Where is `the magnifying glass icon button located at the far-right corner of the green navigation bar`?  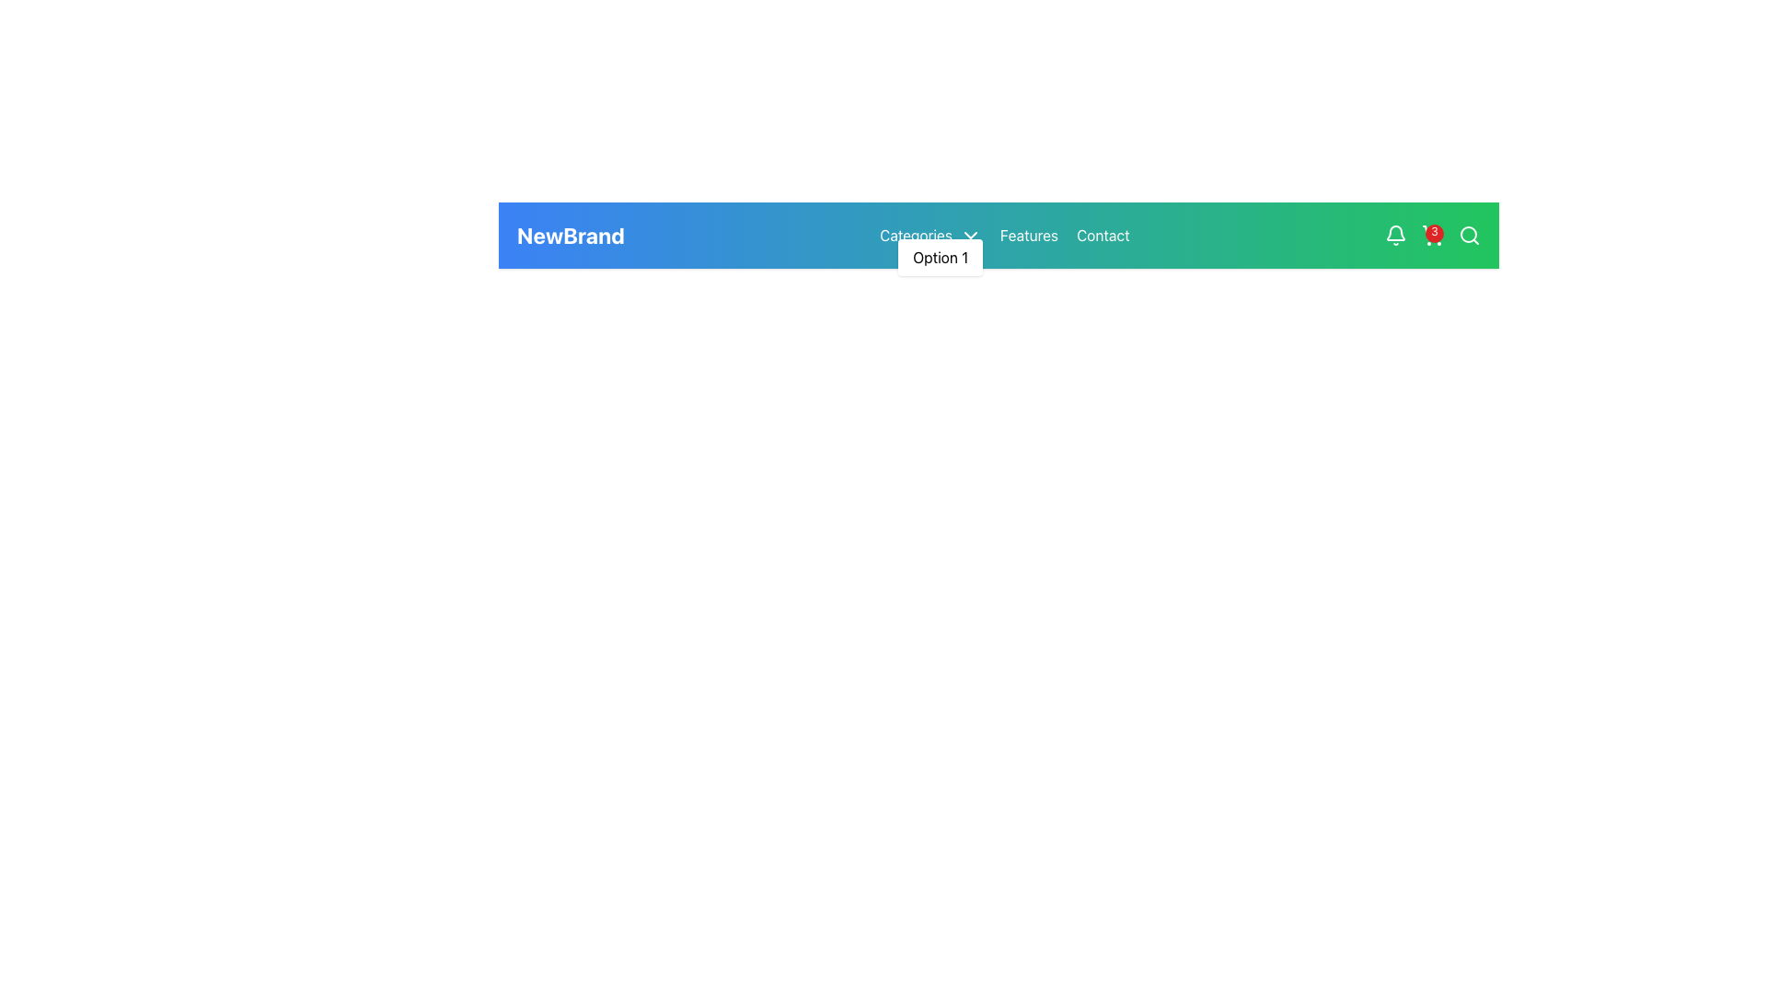
the magnifying glass icon button located at the far-right corner of the green navigation bar is located at coordinates (1469, 234).